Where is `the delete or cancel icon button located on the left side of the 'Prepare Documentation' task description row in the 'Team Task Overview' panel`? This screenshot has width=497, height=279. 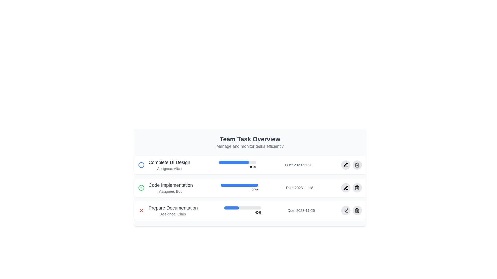
the delete or cancel icon button located on the left side of the 'Prepare Documentation' task description row in the 'Team Task Overview' panel is located at coordinates (141, 210).